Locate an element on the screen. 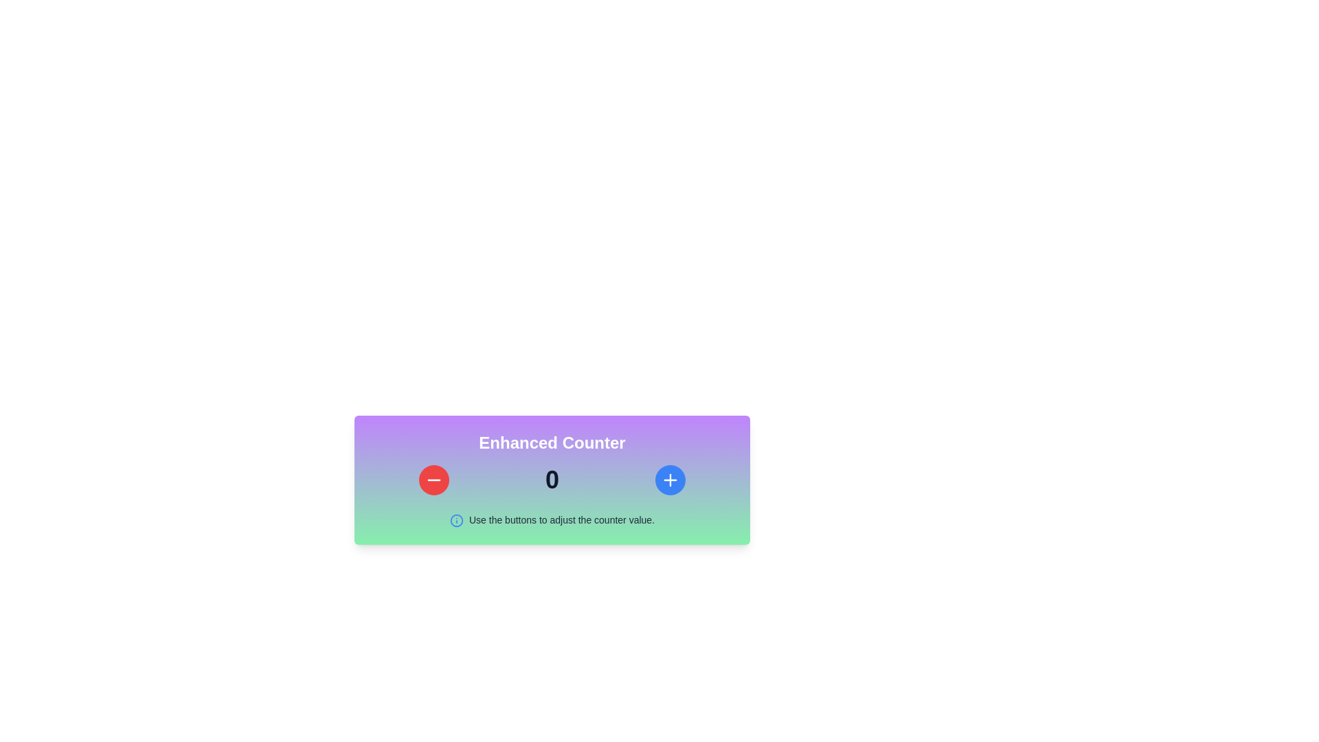 This screenshot has height=742, width=1319. the information icon positioned at the start of the text 'Use the buttons to adjust the counter value.' is located at coordinates (456, 520).